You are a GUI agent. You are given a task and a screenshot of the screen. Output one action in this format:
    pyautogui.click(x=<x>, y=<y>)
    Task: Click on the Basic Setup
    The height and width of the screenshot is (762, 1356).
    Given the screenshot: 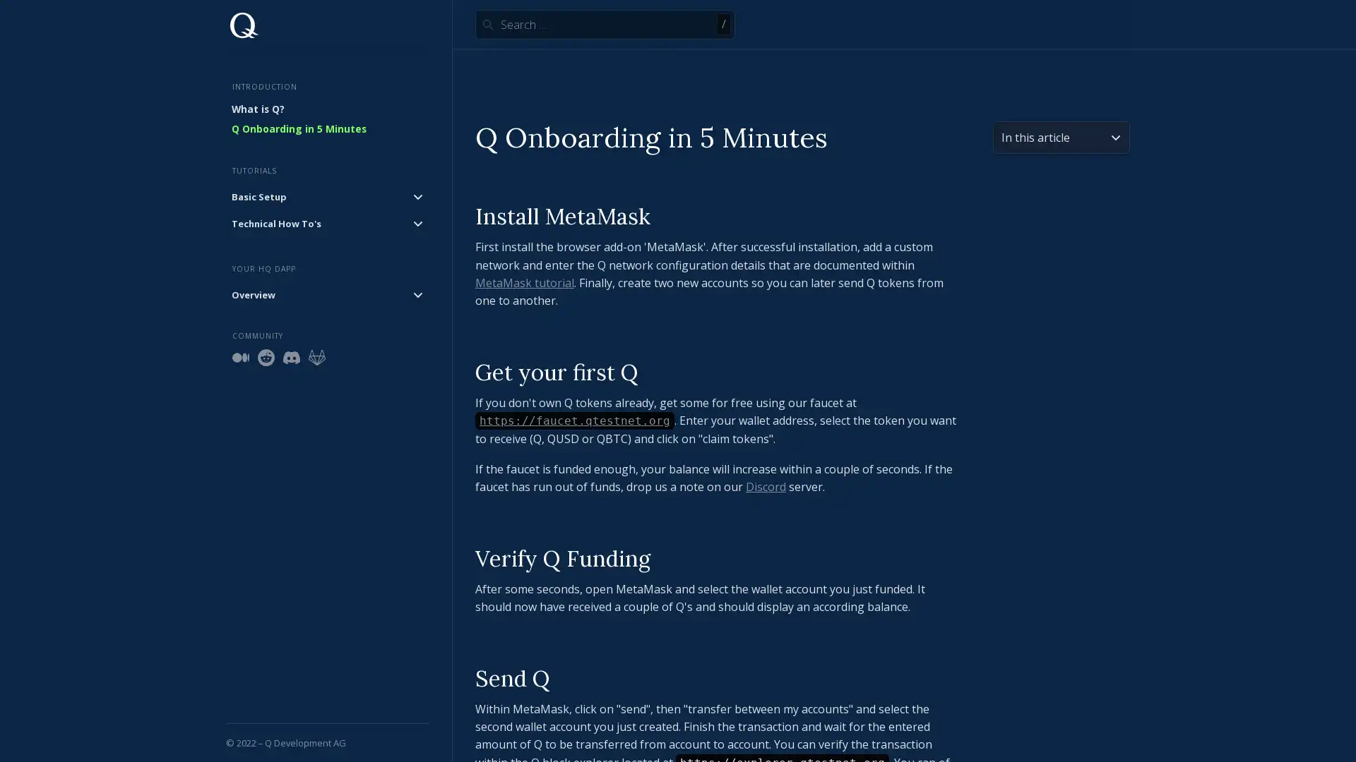 What is the action you would take?
    pyautogui.click(x=327, y=195)
    